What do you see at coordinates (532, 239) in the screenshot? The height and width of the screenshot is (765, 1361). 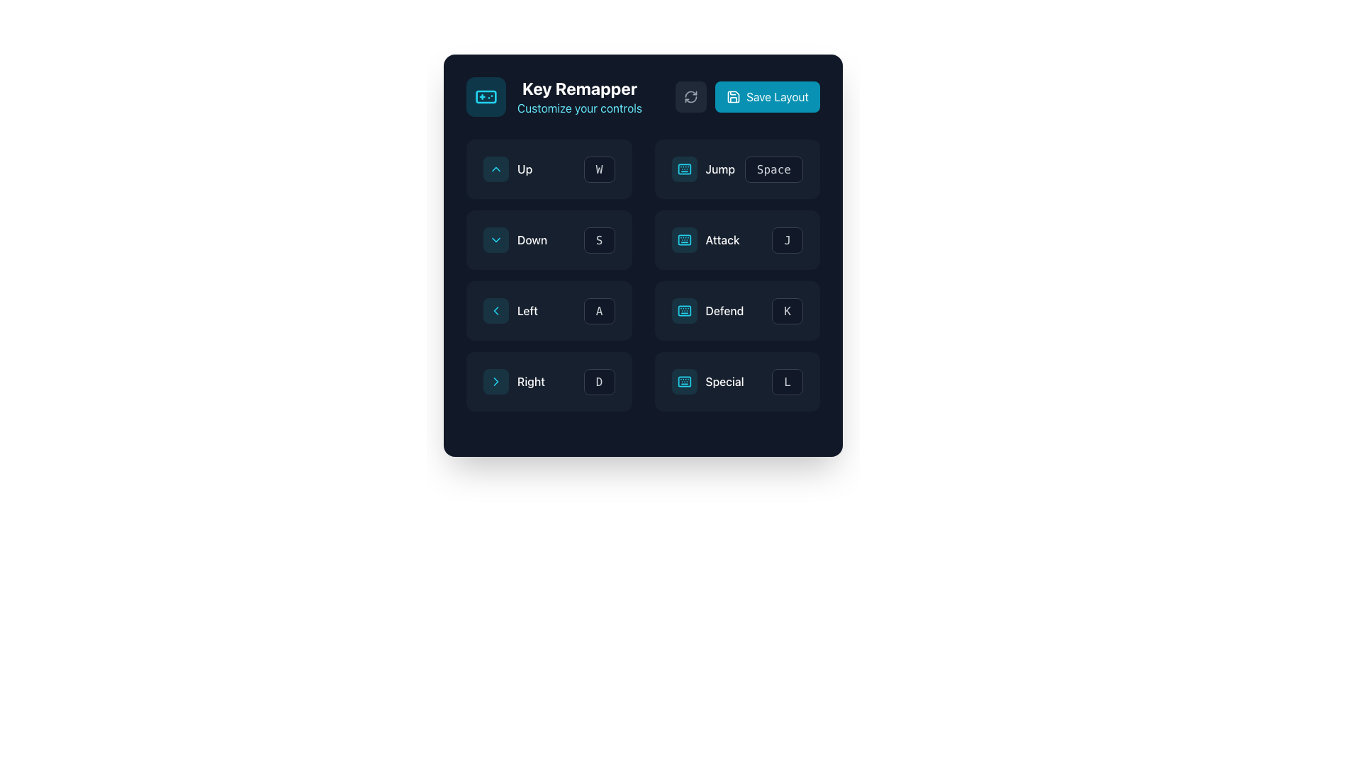 I see `text label displaying 'Down' which is centered in a dark background and located in the middle row of the left column of the controls grid` at bounding box center [532, 239].